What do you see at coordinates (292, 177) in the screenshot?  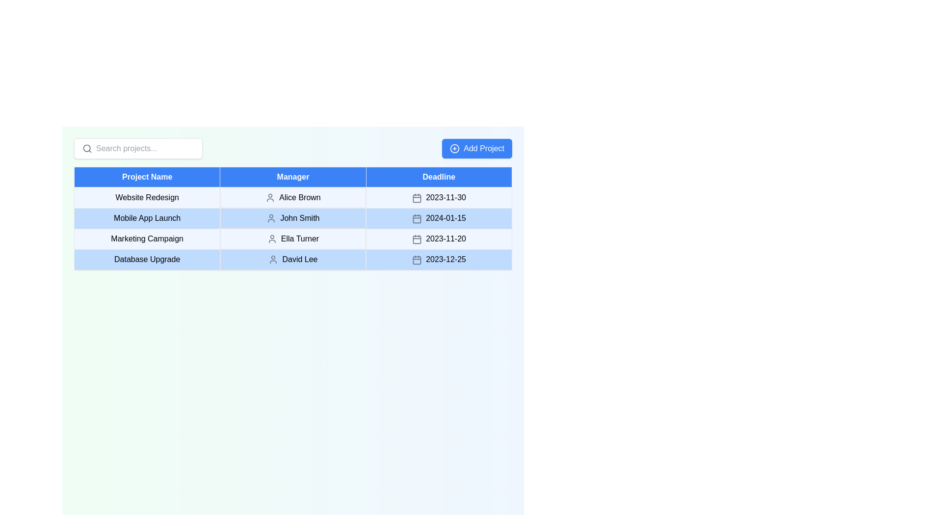 I see `text from the 'Manager' header cell in the table, which indicates the names of managers associated with the respective projects` at bounding box center [292, 177].